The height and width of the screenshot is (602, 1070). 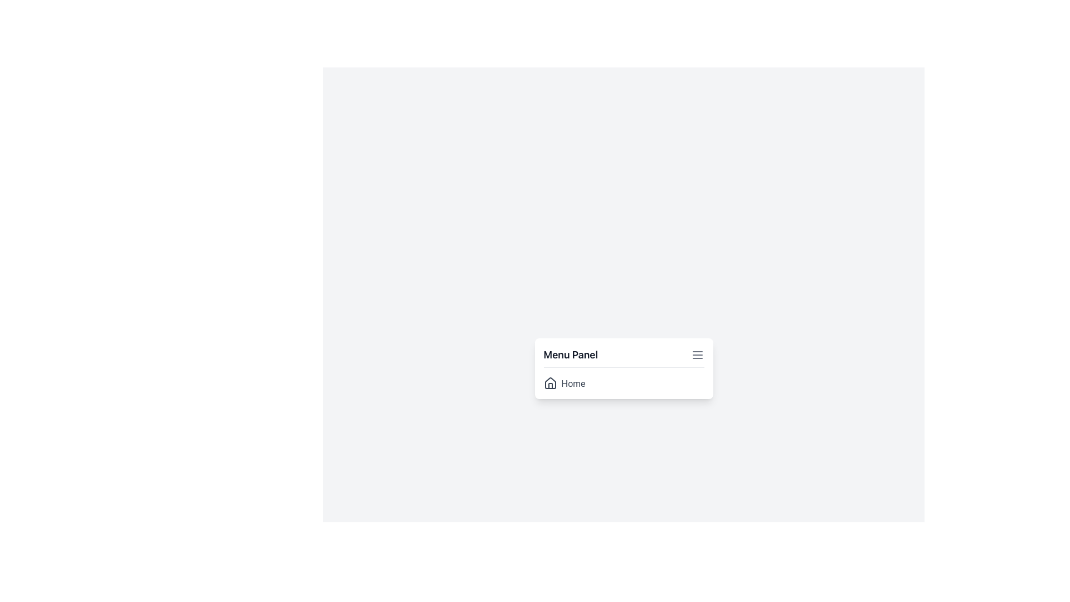 What do you see at coordinates (550, 382) in the screenshot?
I see `the house icon in the menu panel, which is styled with a dark outline and includes a triangular roof and rectangular base, located under the 'Home' entry` at bounding box center [550, 382].